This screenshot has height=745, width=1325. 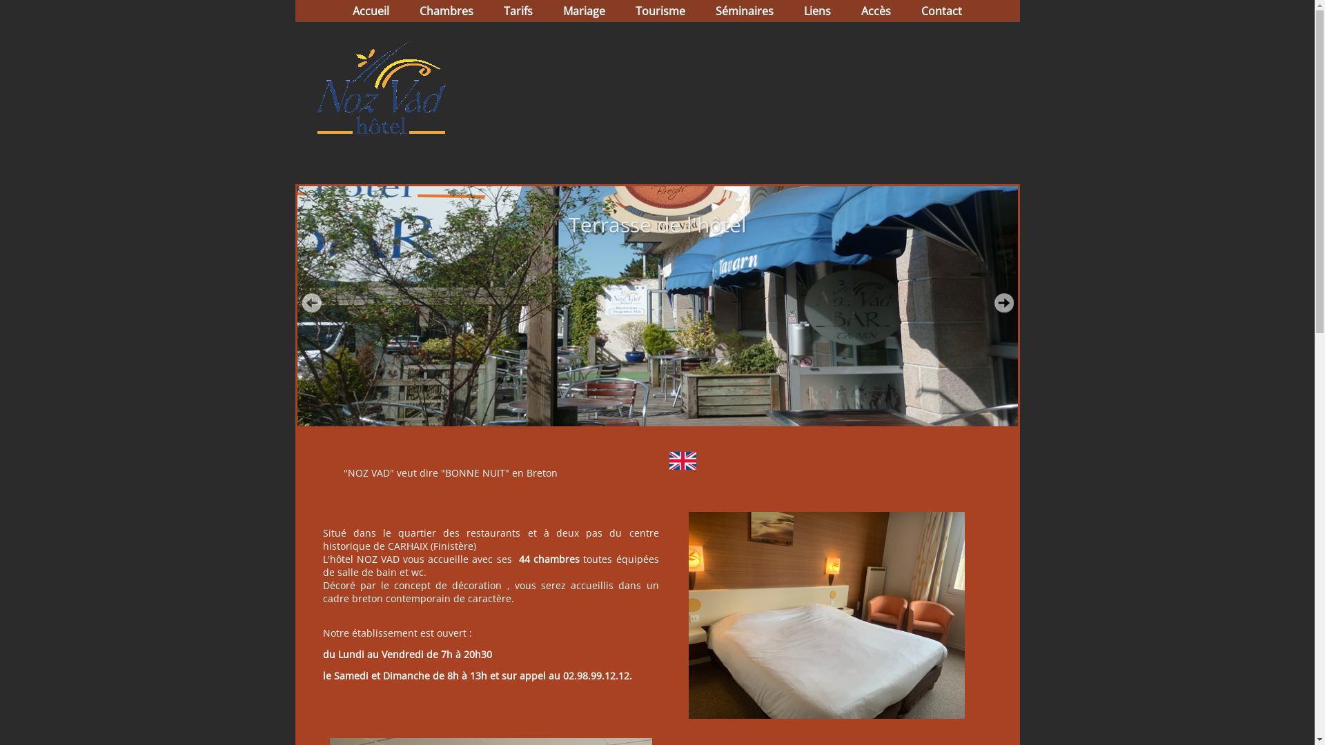 What do you see at coordinates (994, 302) in the screenshot?
I see `'>'` at bounding box center [994, 302].